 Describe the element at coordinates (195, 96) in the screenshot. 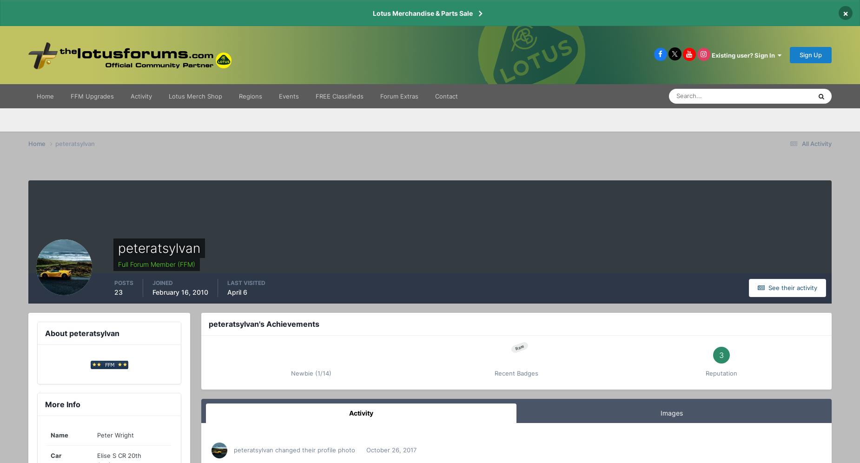

I see `'Lotus Merch Shop'` at that location.